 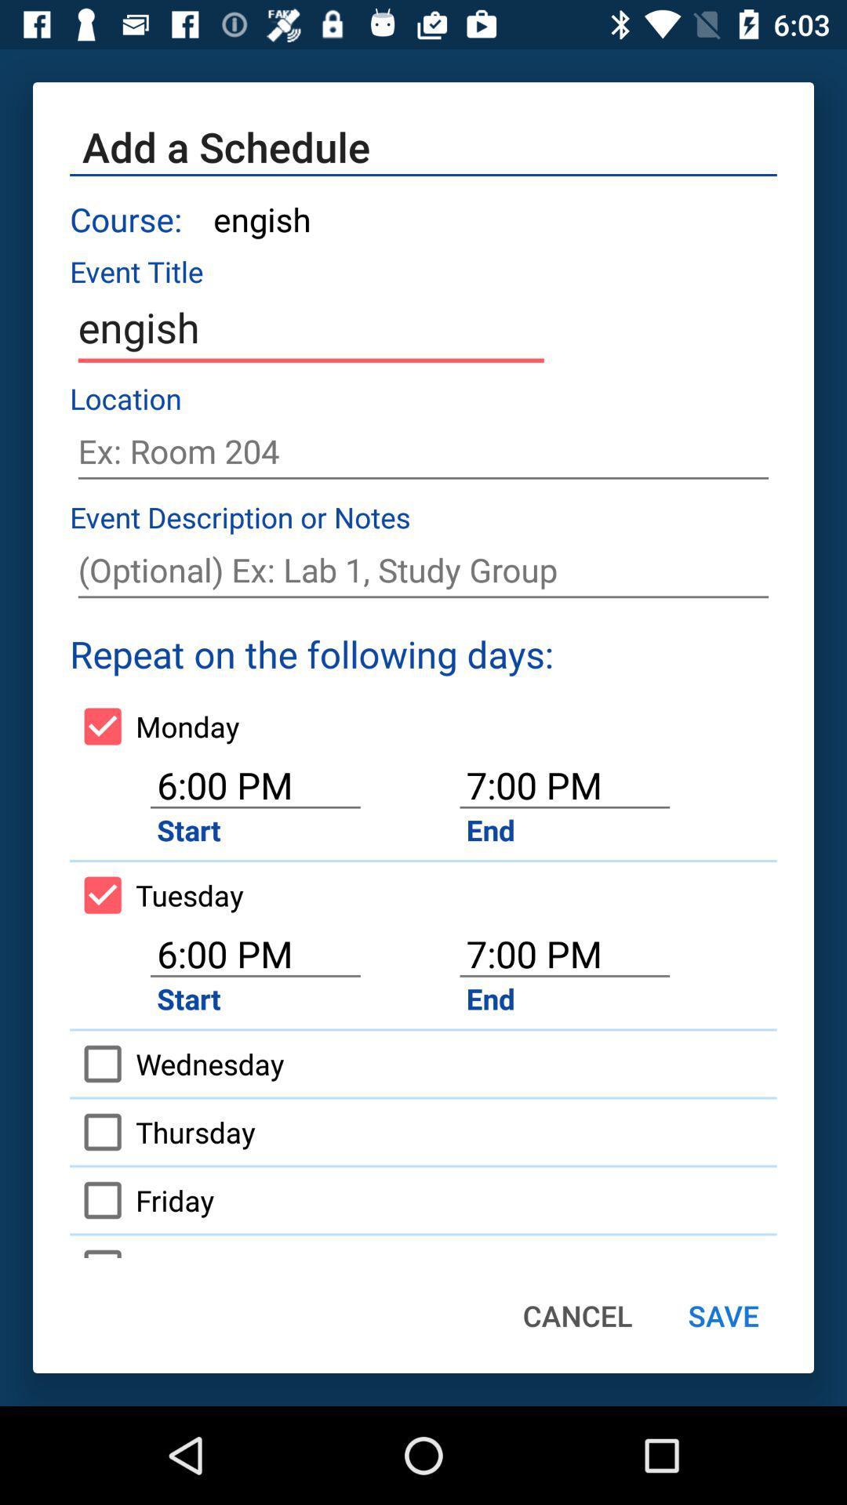 I want to click on the monday icon, so click(x=154, y=725).